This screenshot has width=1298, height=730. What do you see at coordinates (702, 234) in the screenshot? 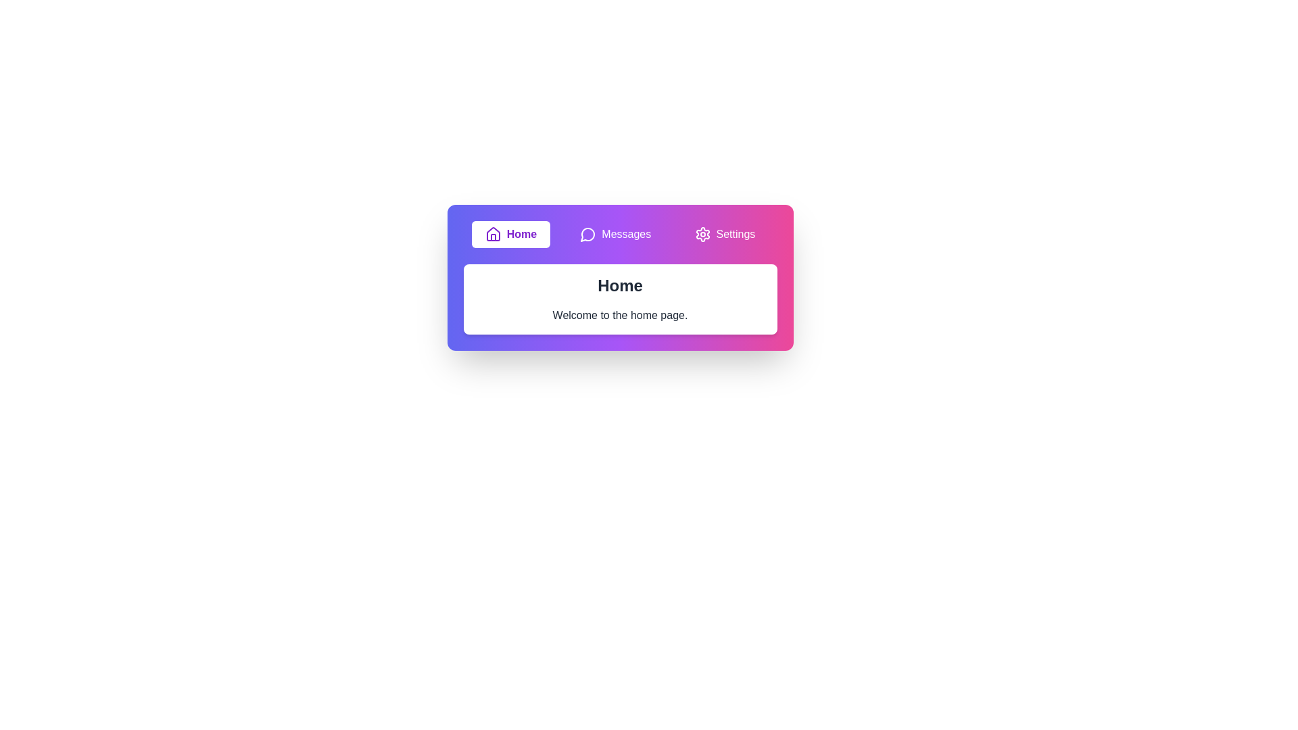
I see `the gear icon located in the upper-right area of the gradient-colored navigation bar` at bounding box center [702, 234].